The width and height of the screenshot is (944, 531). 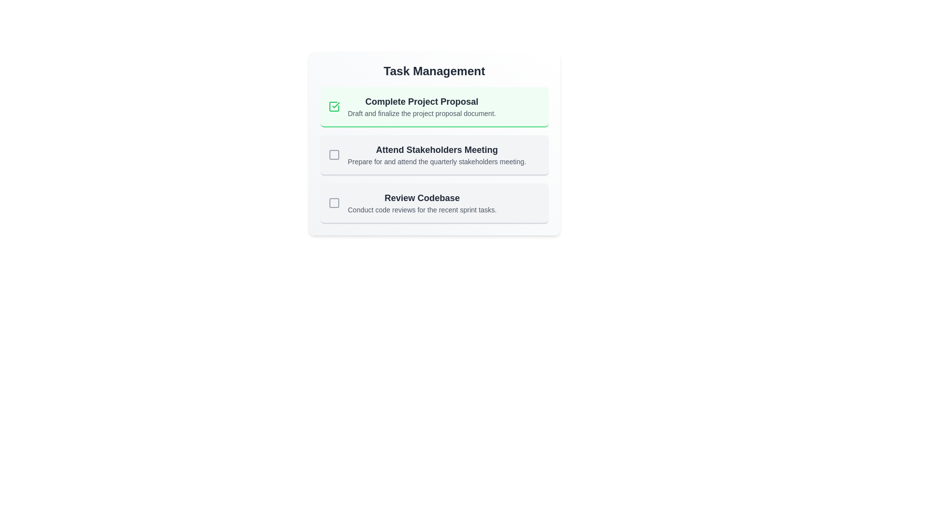 I want to click on the label representing the task titled 'Review Codebase' within the task list under 'Task Management', so click(x=422, y=202).